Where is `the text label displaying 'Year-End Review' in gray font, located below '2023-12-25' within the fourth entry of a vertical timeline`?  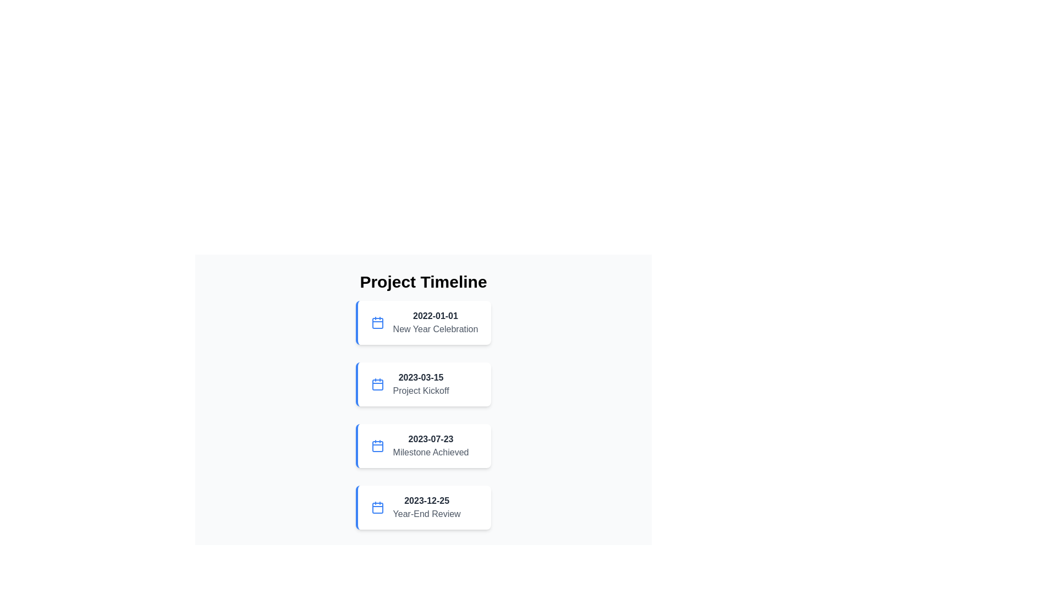 the text label displaying 'Year-End Review' in gray font, located below '2023-12-25' within the fourth entry of a vertical timeline is located at coordinates (426, 514).